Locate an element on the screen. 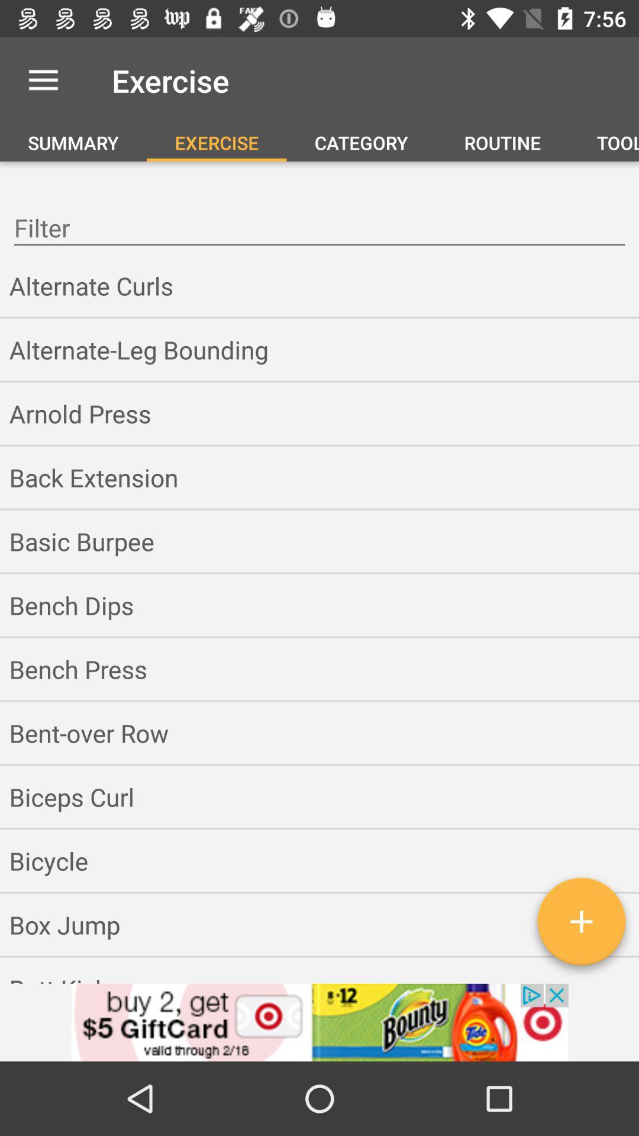 This screenshot has height=1136, width=639. exercise is located at coordinates (580, 925).